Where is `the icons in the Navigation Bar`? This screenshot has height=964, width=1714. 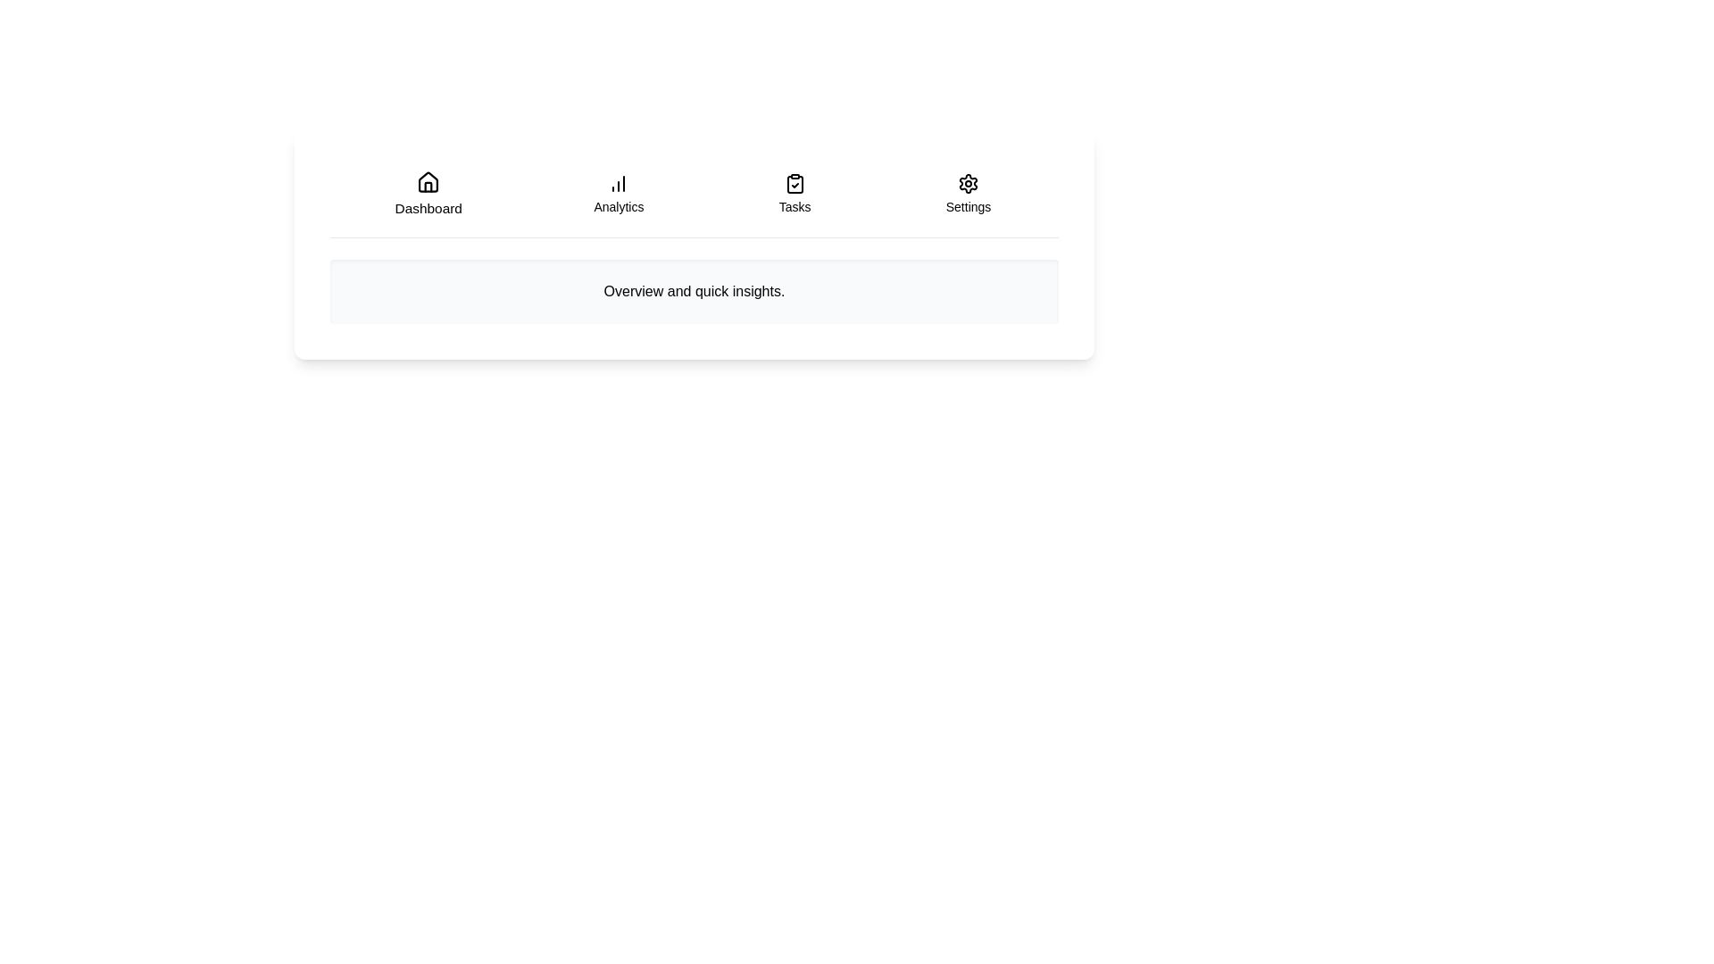 the icons in the Navigation Bar is located at coordinates (693, 201).